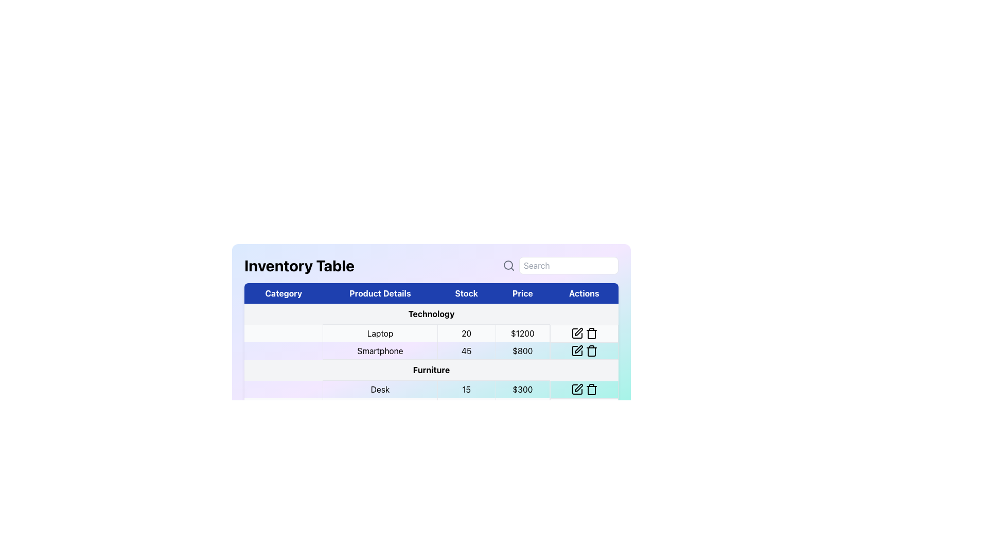  What do you see at coordinates (466, 350) in the screenshot?
I see `the static text element displaying the number '45' located in the third column labeled 'Stock' of the table, positioned between 'Smartphone' and '$800'` at bounding box center [466, 350].